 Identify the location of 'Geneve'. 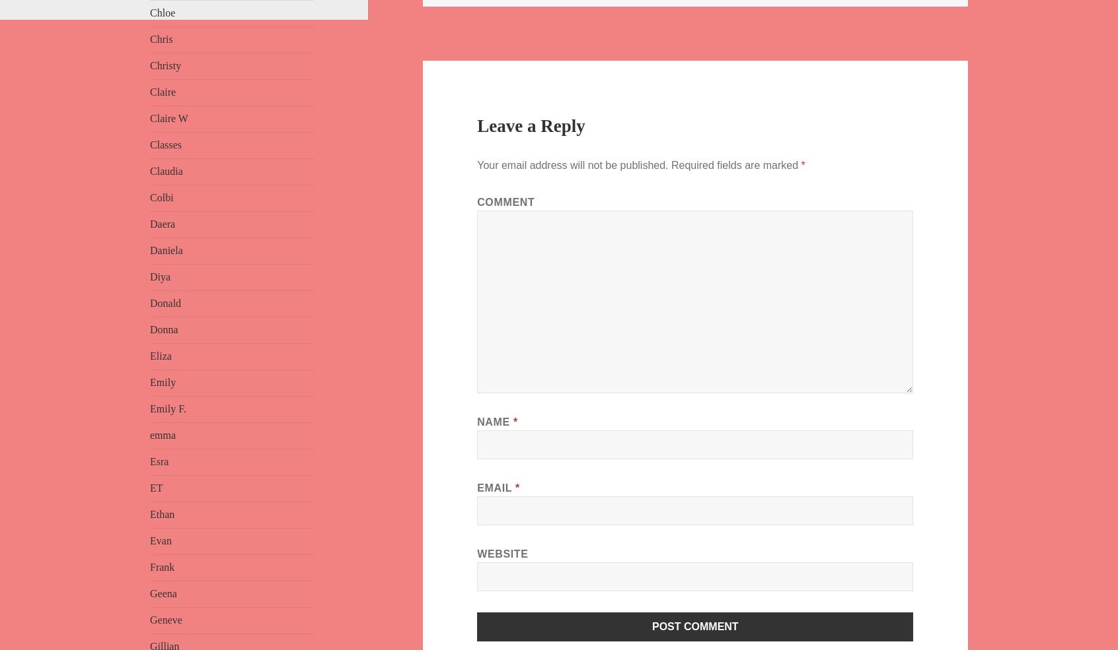
(165, 620).